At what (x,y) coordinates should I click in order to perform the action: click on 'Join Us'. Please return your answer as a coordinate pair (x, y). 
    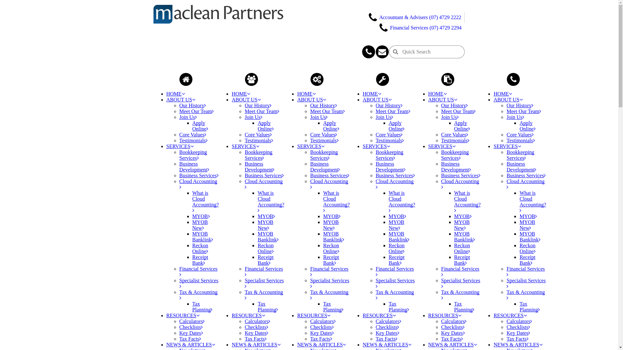
    Looking at the image, I should click on (188, 117).